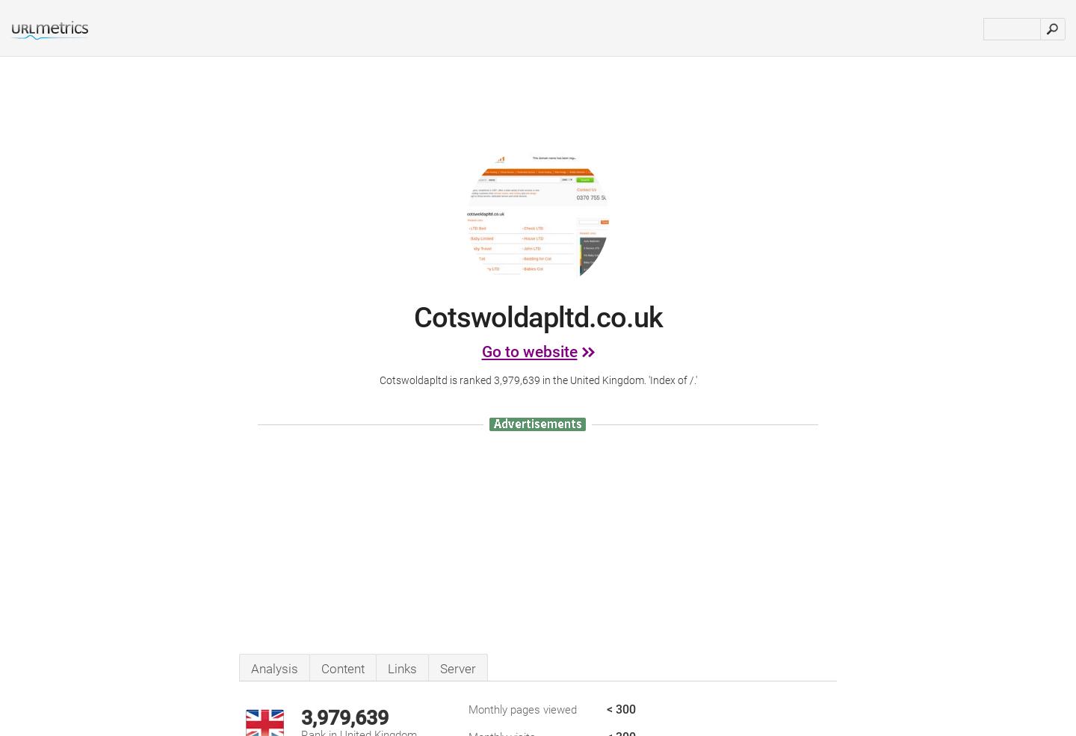  Describe the element at coordinates (480, 351) in the screenshot. I see `'Go to website'` at that location.